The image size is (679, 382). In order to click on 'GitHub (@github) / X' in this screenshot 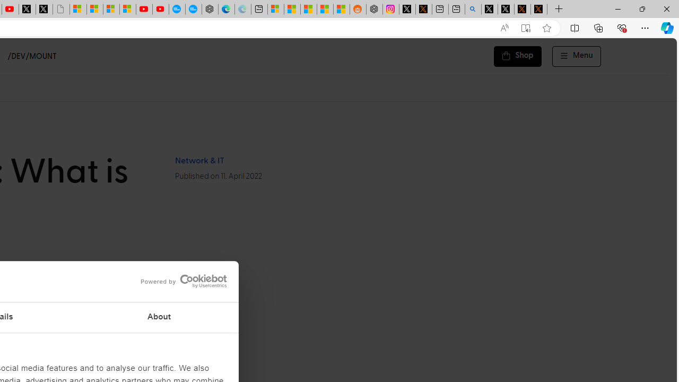, I will do `click(506, 9)`.